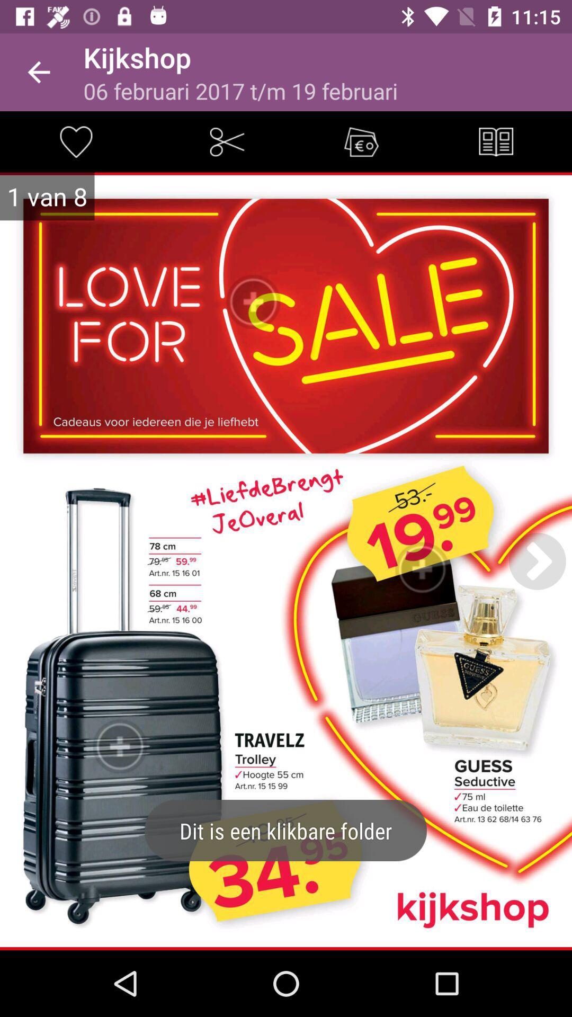  What do you see at coordinates (226, 141) in the screenshot?
I see `the item below the 06 februari 2017 icon` at bounding box center [226, 141].